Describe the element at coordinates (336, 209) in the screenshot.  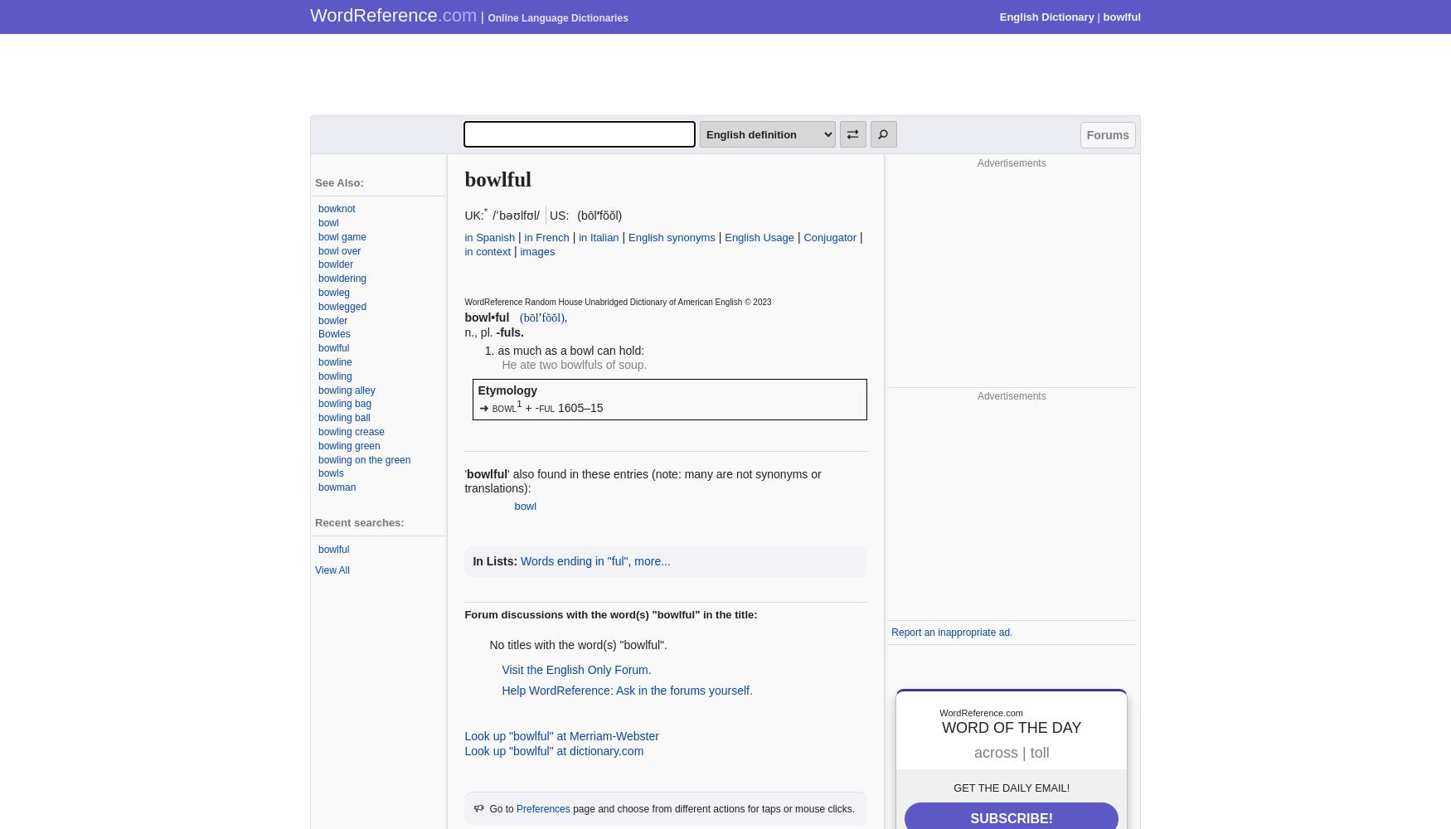
I see `'bowknot'` at that location.